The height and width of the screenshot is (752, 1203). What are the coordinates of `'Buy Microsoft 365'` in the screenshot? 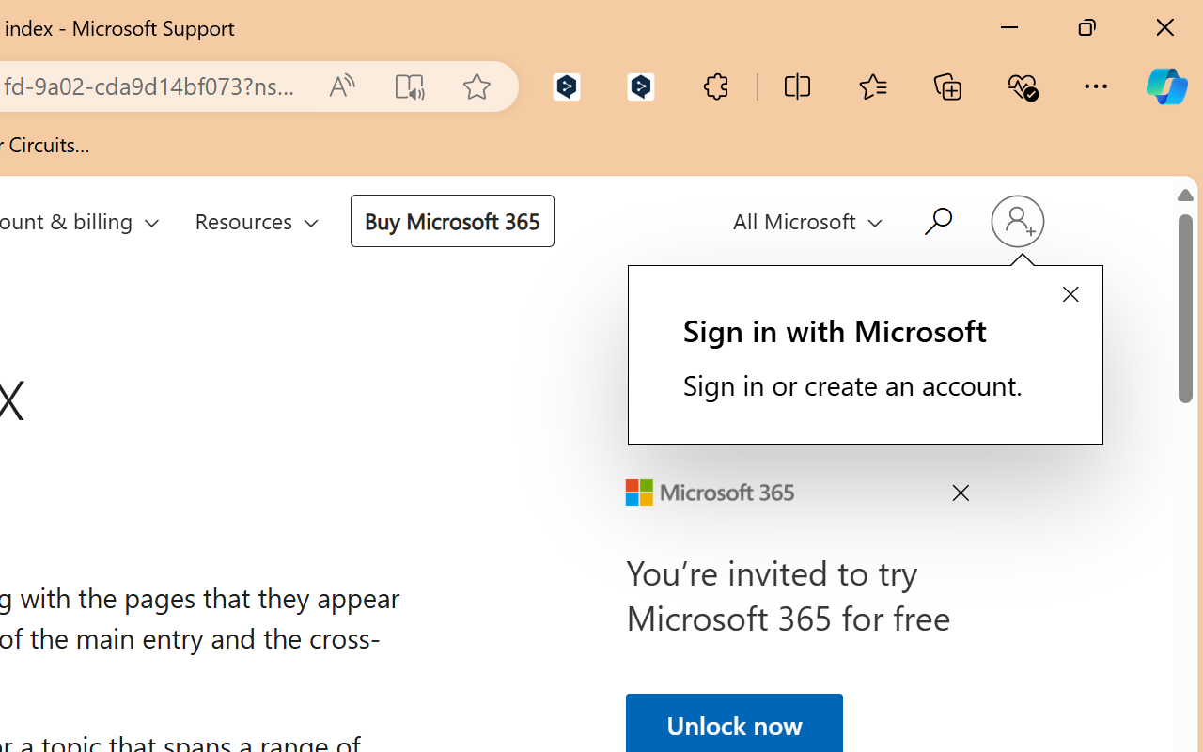 It's located at (451, 219).